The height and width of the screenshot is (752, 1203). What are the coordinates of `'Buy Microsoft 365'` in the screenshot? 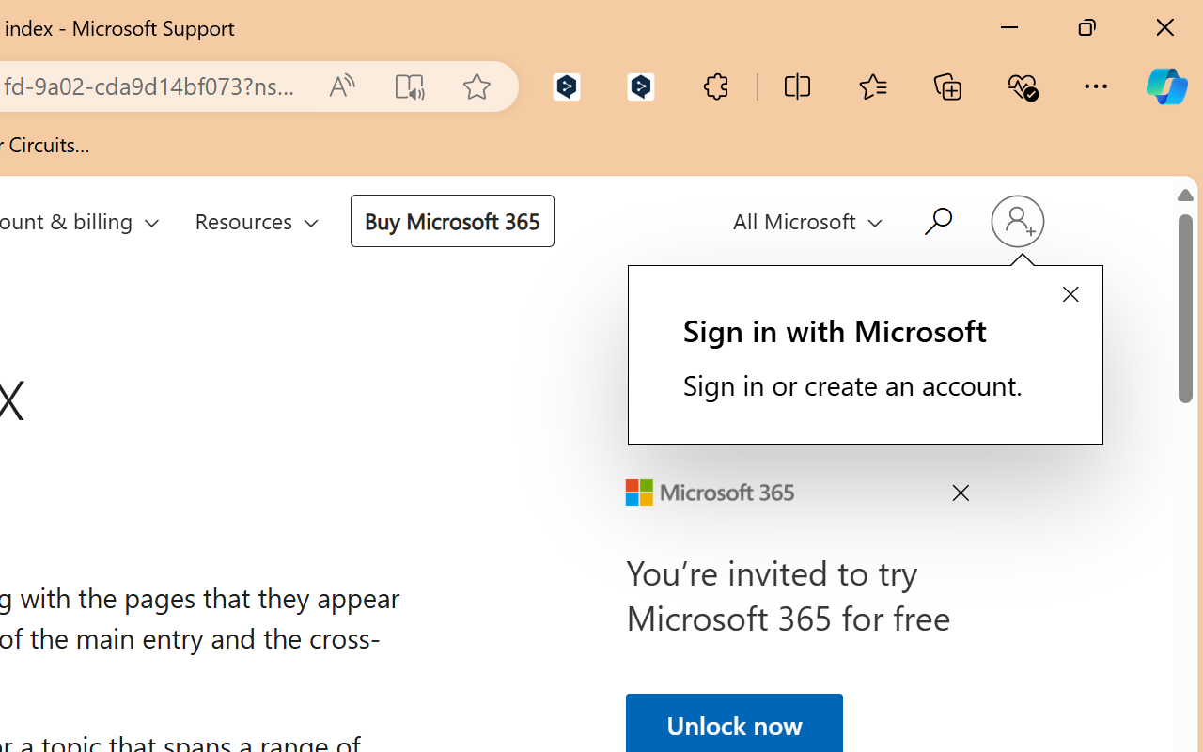 It's located at (451, 219).